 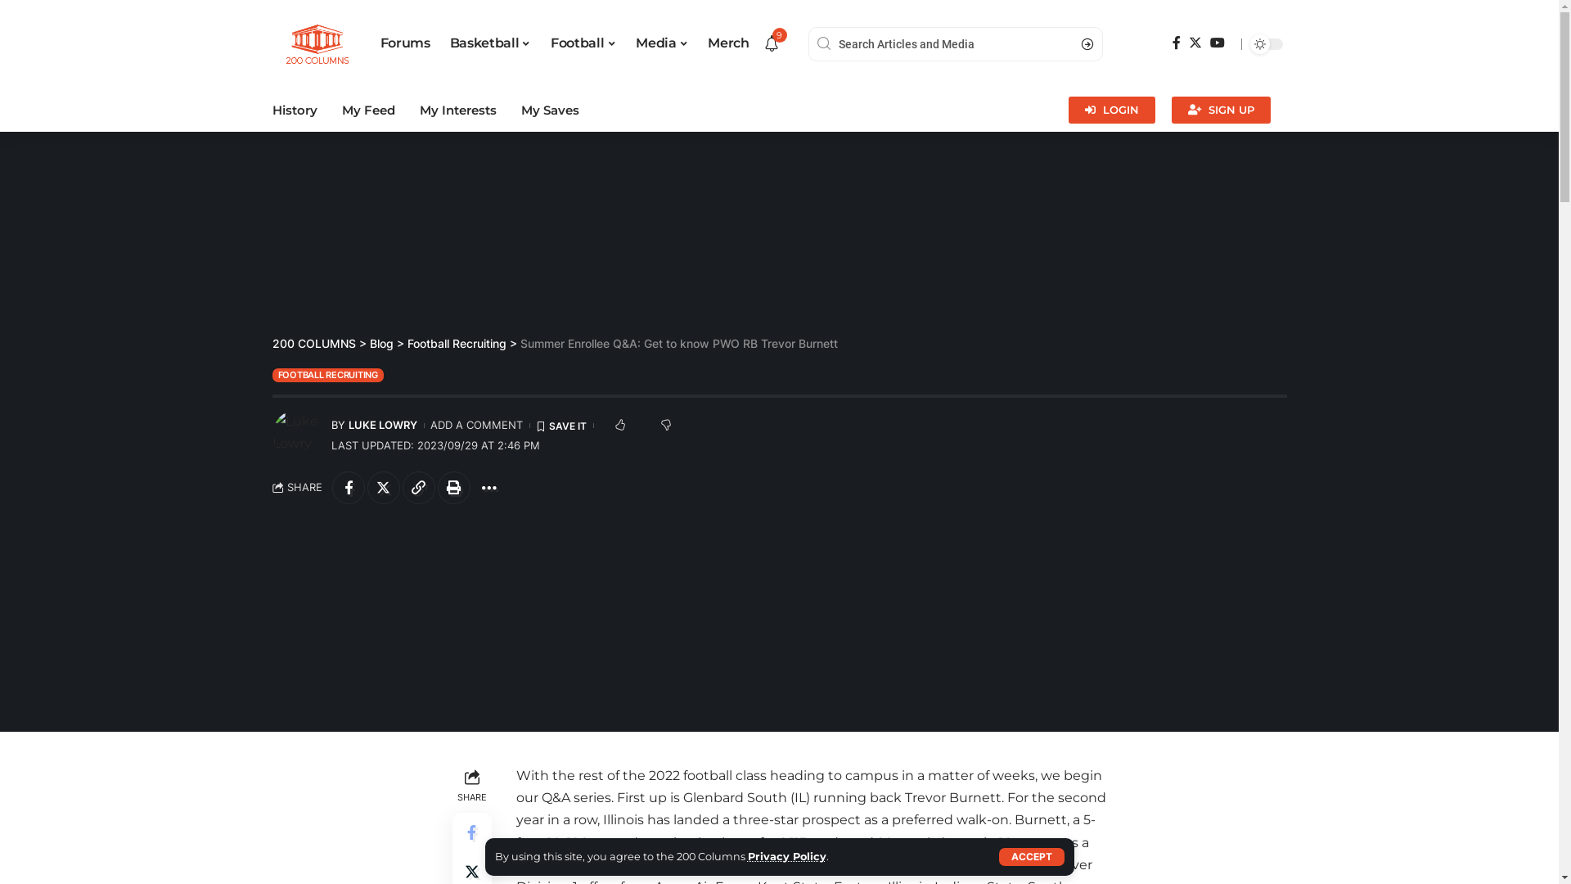 What do you see at coordinates (1068, 110) in the screenshot?
I see `'LOGIN'` at bounding box center [1068, 110].